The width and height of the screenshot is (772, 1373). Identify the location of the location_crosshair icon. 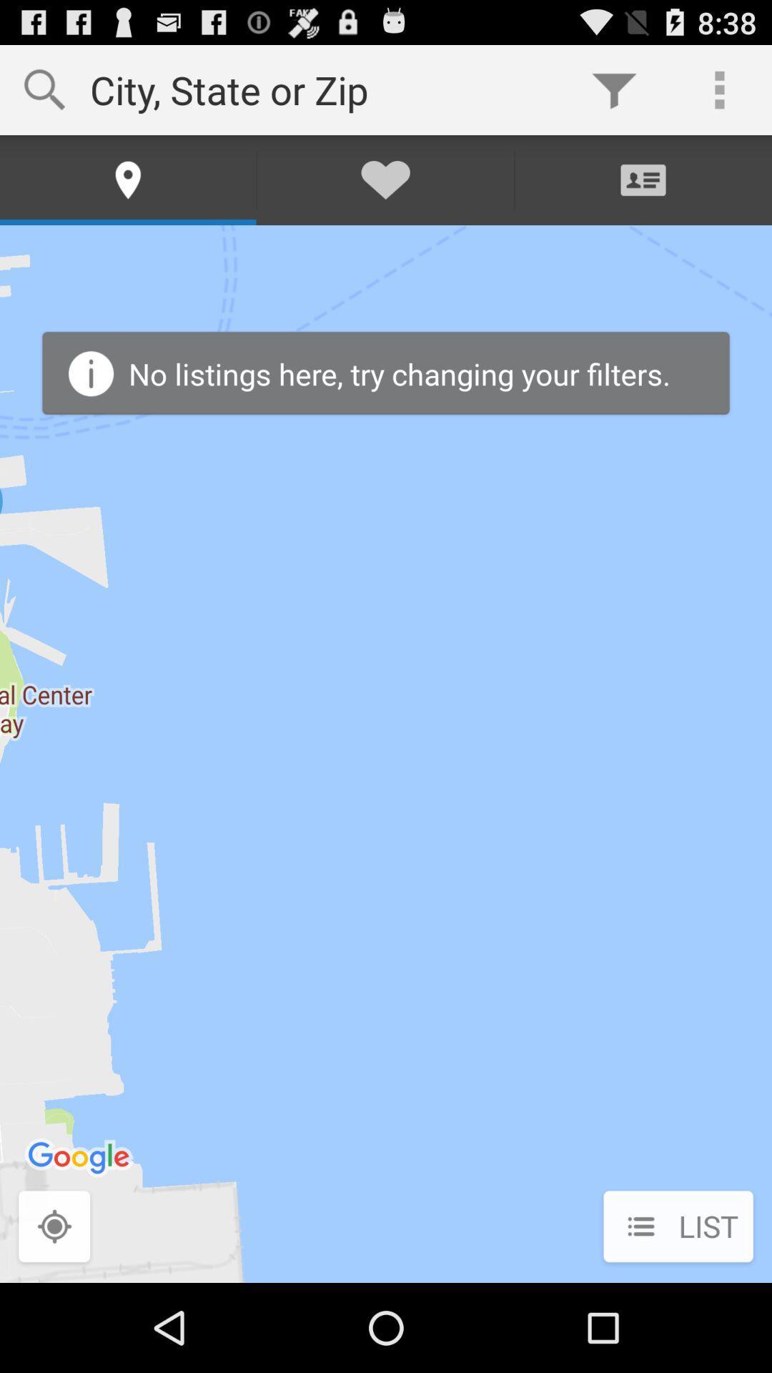
(54, 1314).